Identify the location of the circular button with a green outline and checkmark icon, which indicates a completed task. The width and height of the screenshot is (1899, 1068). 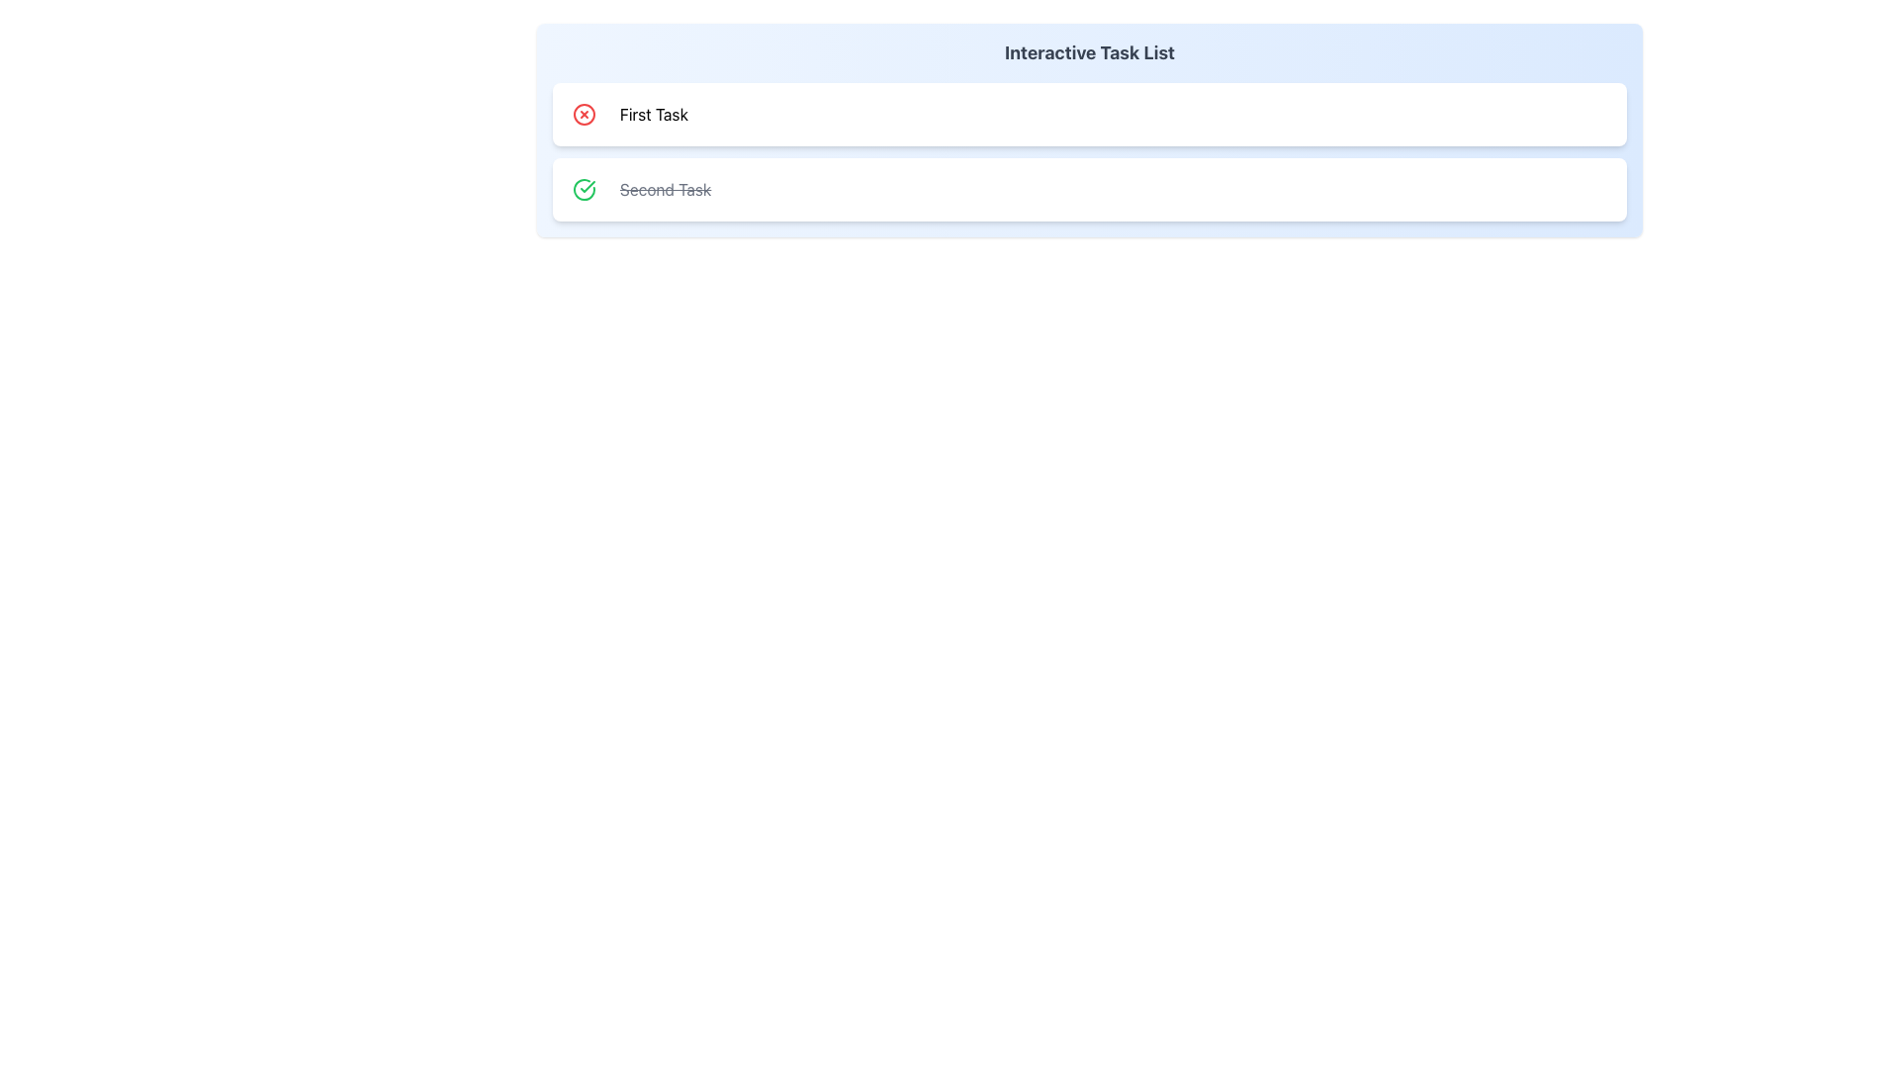
(583, 190).